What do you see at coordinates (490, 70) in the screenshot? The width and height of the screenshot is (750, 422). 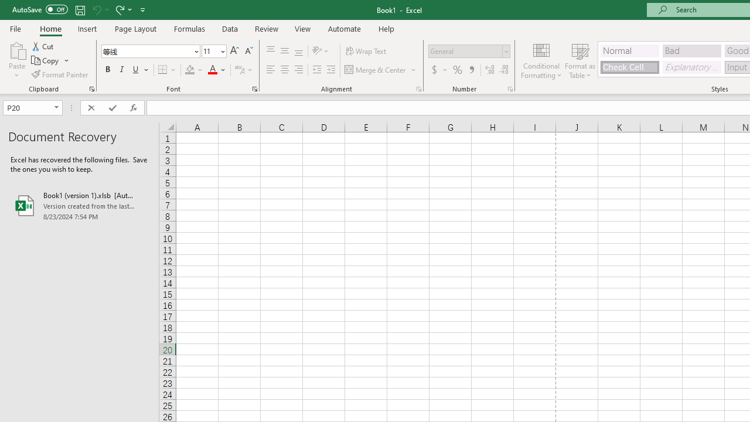 I see `'Increase Decimal'` at bounding box center [490, 70].